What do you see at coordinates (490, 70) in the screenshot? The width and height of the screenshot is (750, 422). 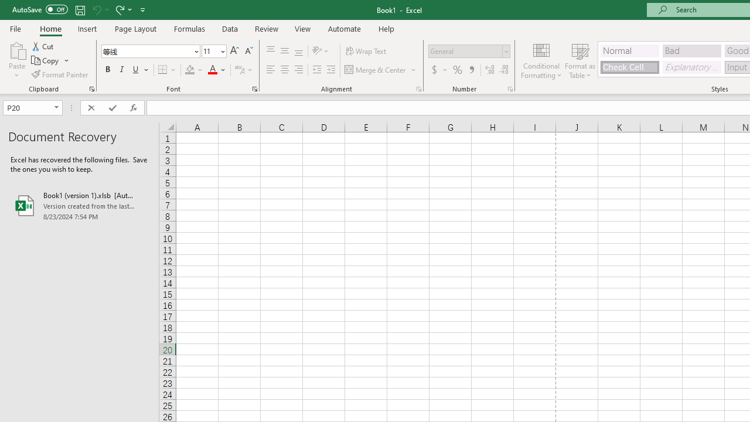 I see `'Increase Decimal'` at bounding box center [490, 70].